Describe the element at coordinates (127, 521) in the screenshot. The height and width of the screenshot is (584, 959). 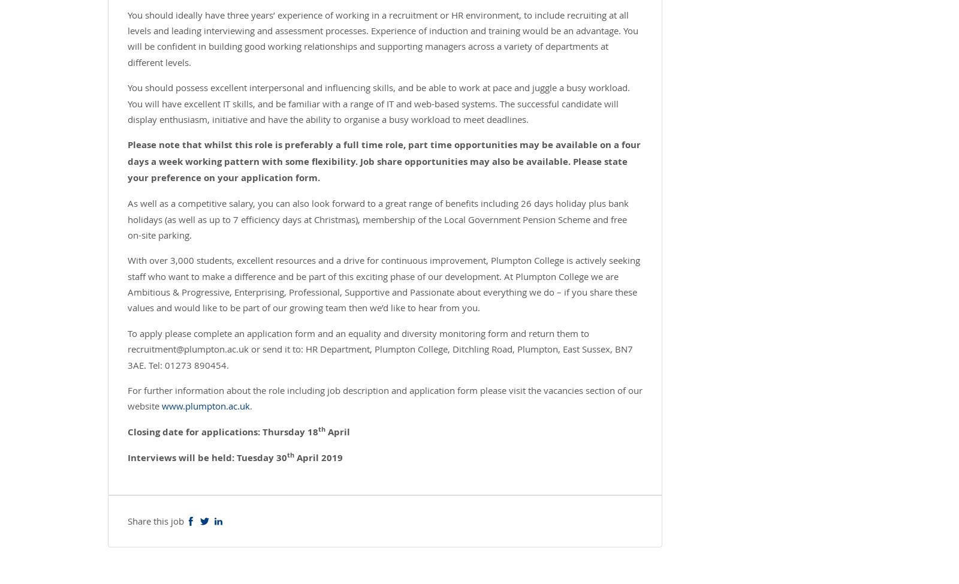
I see `'Share this job'` at that location.